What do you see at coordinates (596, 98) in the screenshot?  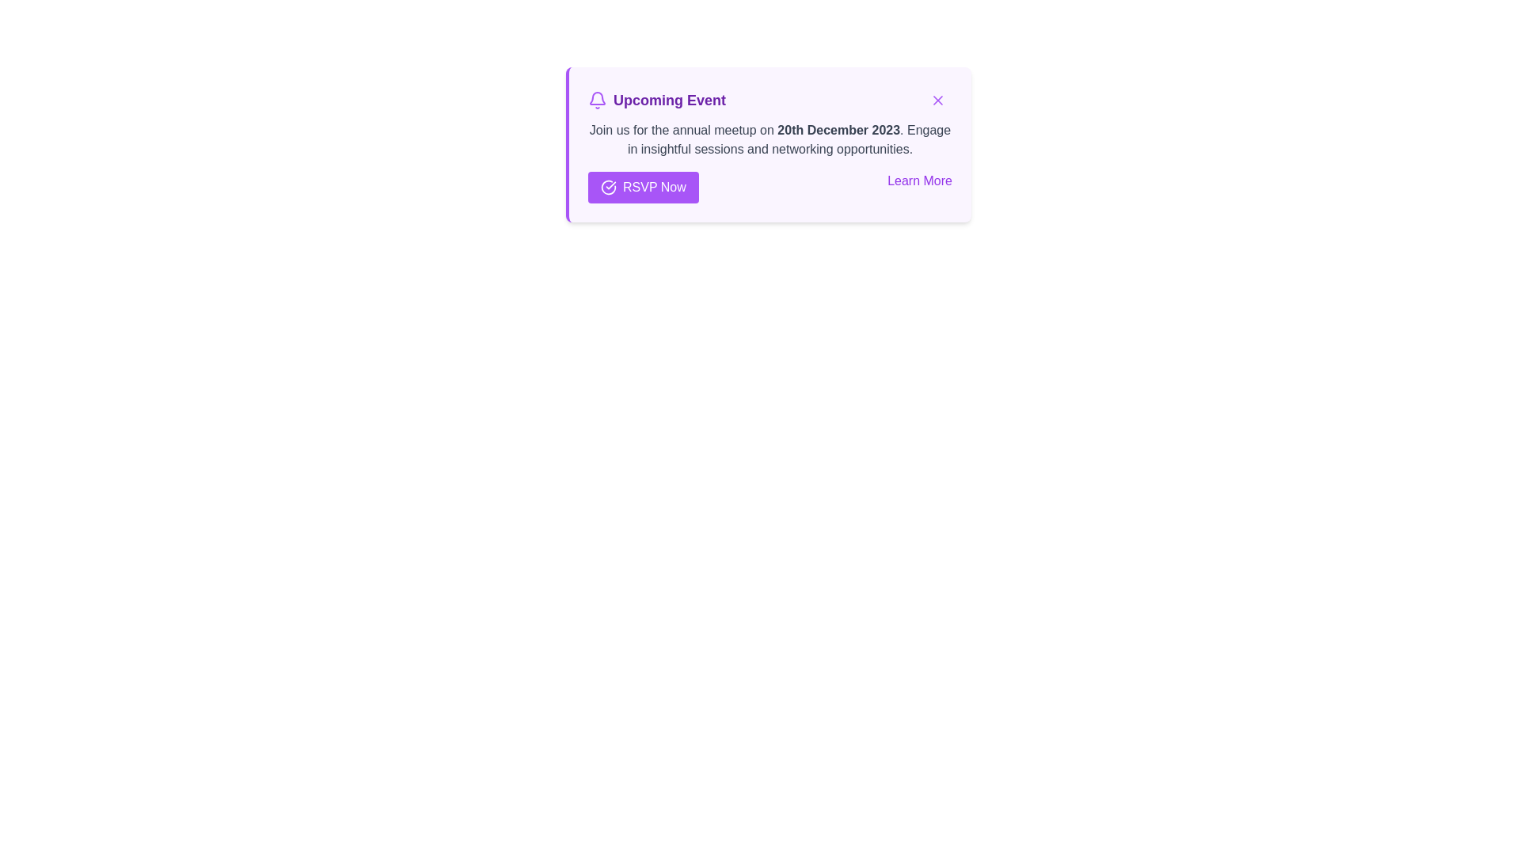 I see `the lower portion of the decorative bell icon located within the purple-bordered notification box in the top-right area` at bounding box center [596, 98].